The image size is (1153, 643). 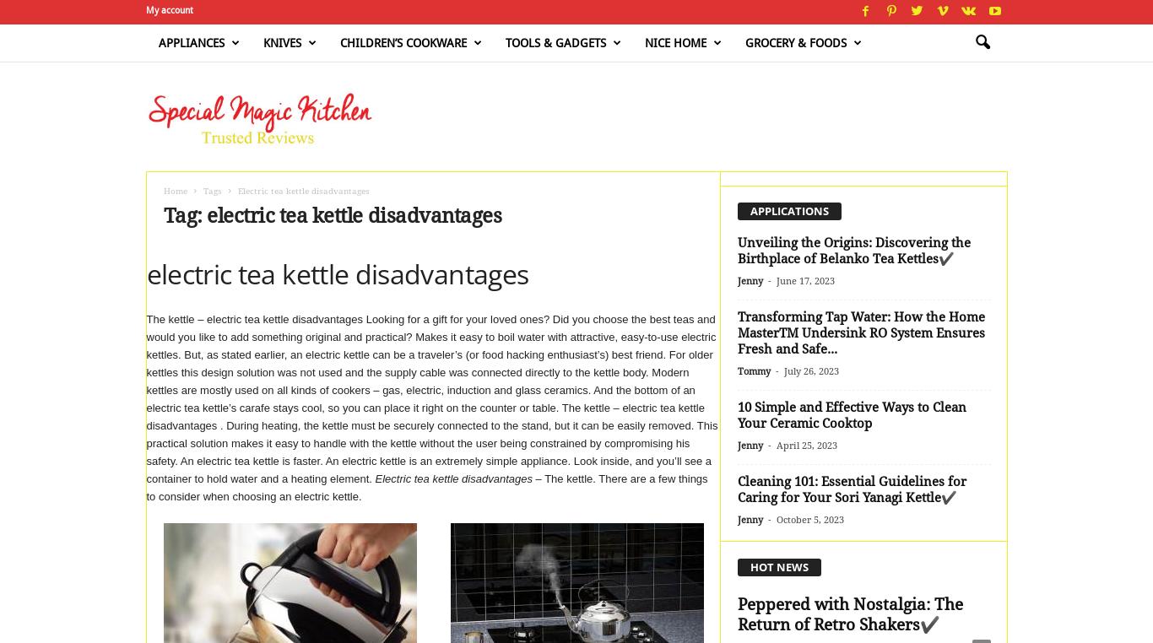 I want to click on 'Tags', so click(x=211, y=191).